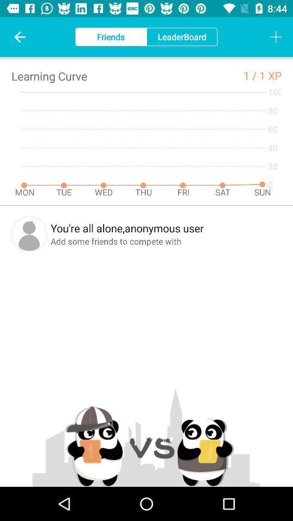 This screenshot has height=521, width=293. What do you see at coordinates (166, 227) in the screenshot?
I see `the you re all icon` at bounding box center [166, 227].